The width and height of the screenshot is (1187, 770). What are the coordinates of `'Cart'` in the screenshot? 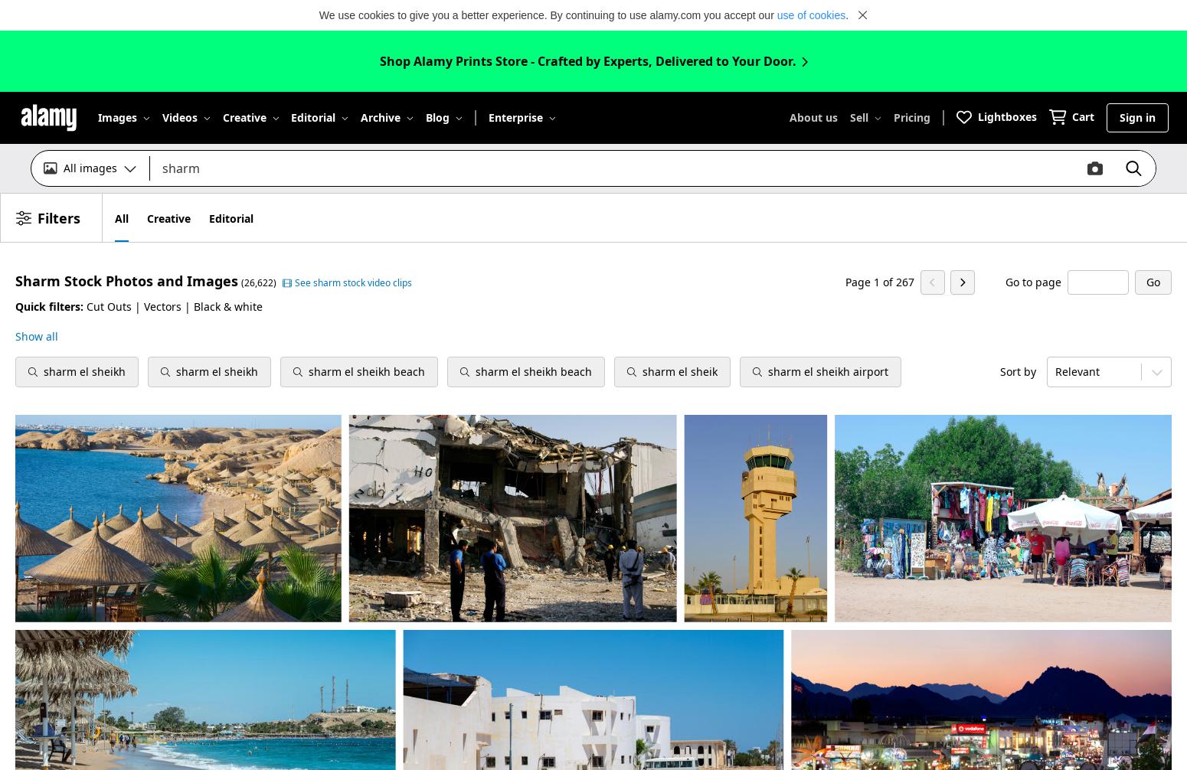 It's located at (1082, 116).